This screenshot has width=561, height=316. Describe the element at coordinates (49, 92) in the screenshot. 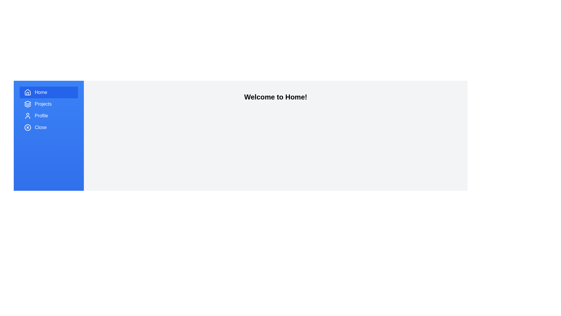

I see `the tab Home from the navigation drawer` at that location.